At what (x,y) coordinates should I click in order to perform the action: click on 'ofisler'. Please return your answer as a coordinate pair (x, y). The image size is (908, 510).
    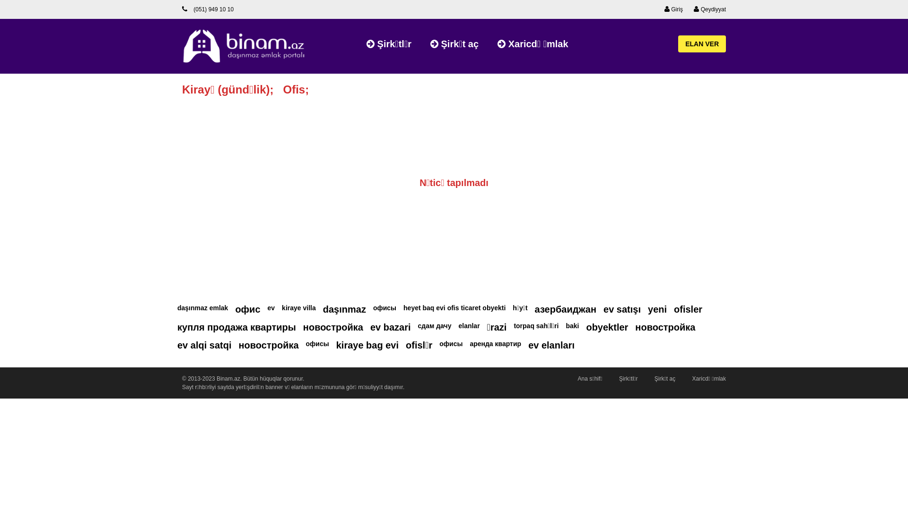
    Looking at the image, I should click on (673, 309).